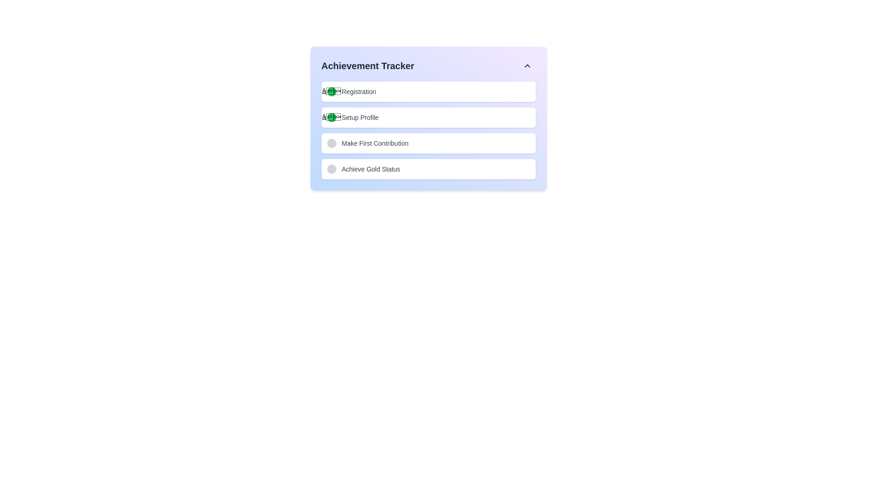  What do you see at coordinates (527, 65) in the screenshot?
I see `the upward-pointing chevron icon within the circular button located at the top-right corner of the 'Achievement Tracker' card` at bounding box center [527, 65].